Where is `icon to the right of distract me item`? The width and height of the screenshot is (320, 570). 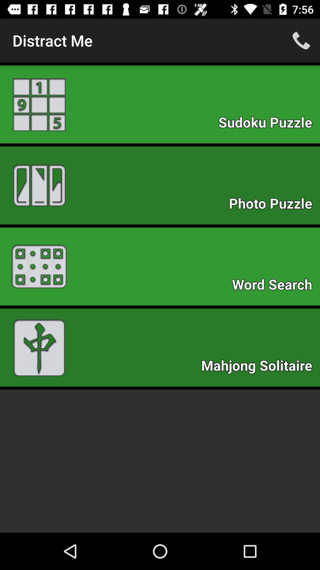 icon to the right of distract me item is located at coordinates (301, 40).